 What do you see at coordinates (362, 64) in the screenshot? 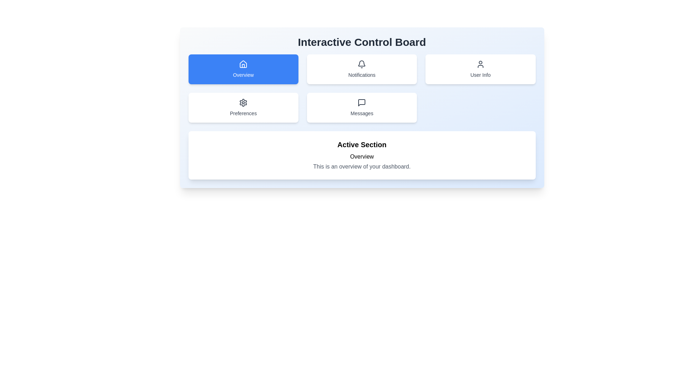
I see `the bell icon located in the upper middle section of the interface, positioned inside the 'Notifications' card` at bounding box center [362, 64].